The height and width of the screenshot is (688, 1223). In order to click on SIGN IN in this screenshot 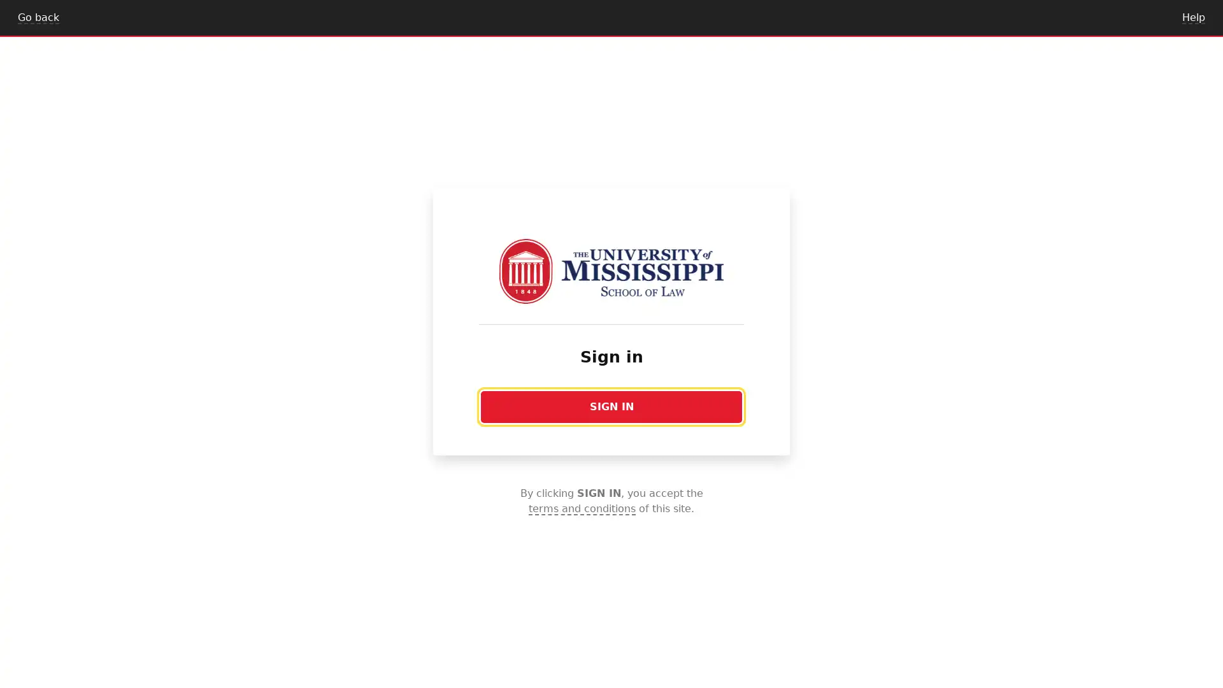, I will do `click(611, 407)`.